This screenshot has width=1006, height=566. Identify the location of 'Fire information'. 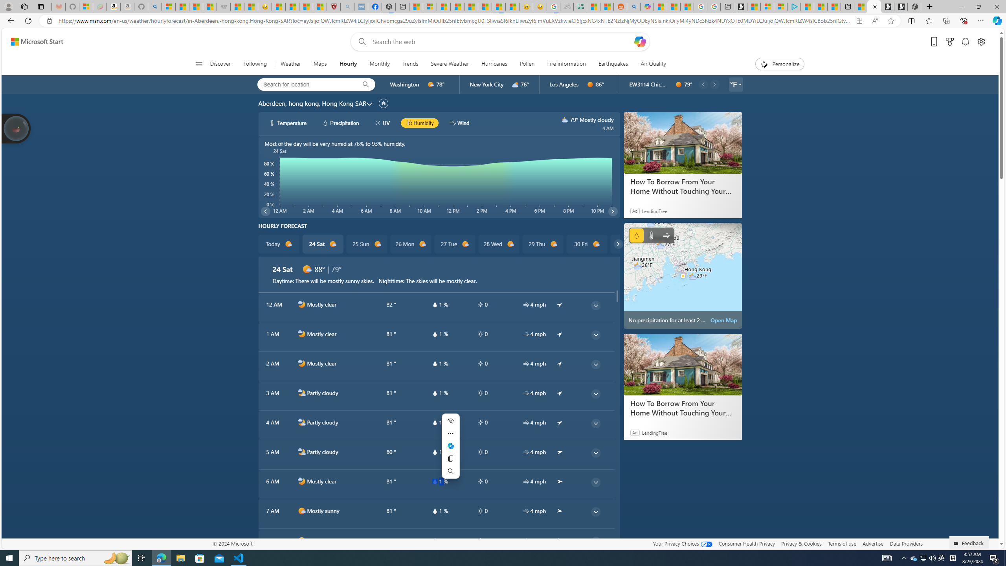
(566, 64).